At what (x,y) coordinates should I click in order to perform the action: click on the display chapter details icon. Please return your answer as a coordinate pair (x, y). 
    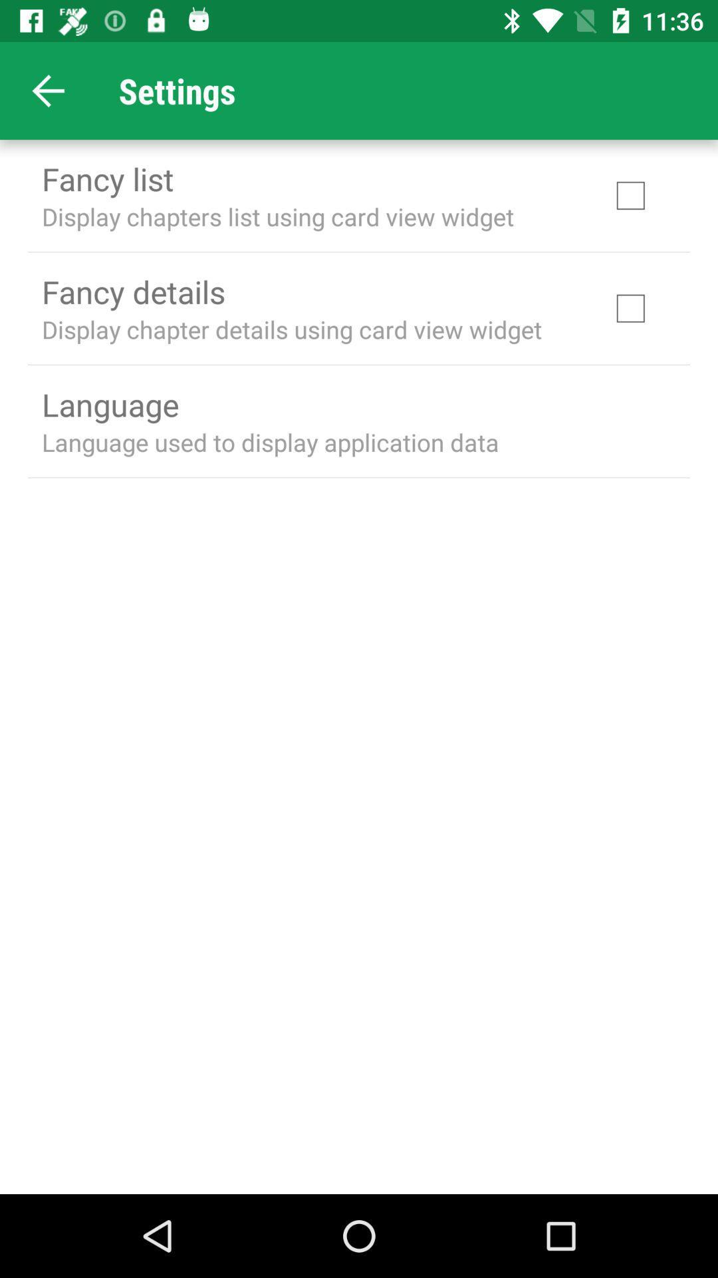
    Looking at the image, I should click on (291, 329).